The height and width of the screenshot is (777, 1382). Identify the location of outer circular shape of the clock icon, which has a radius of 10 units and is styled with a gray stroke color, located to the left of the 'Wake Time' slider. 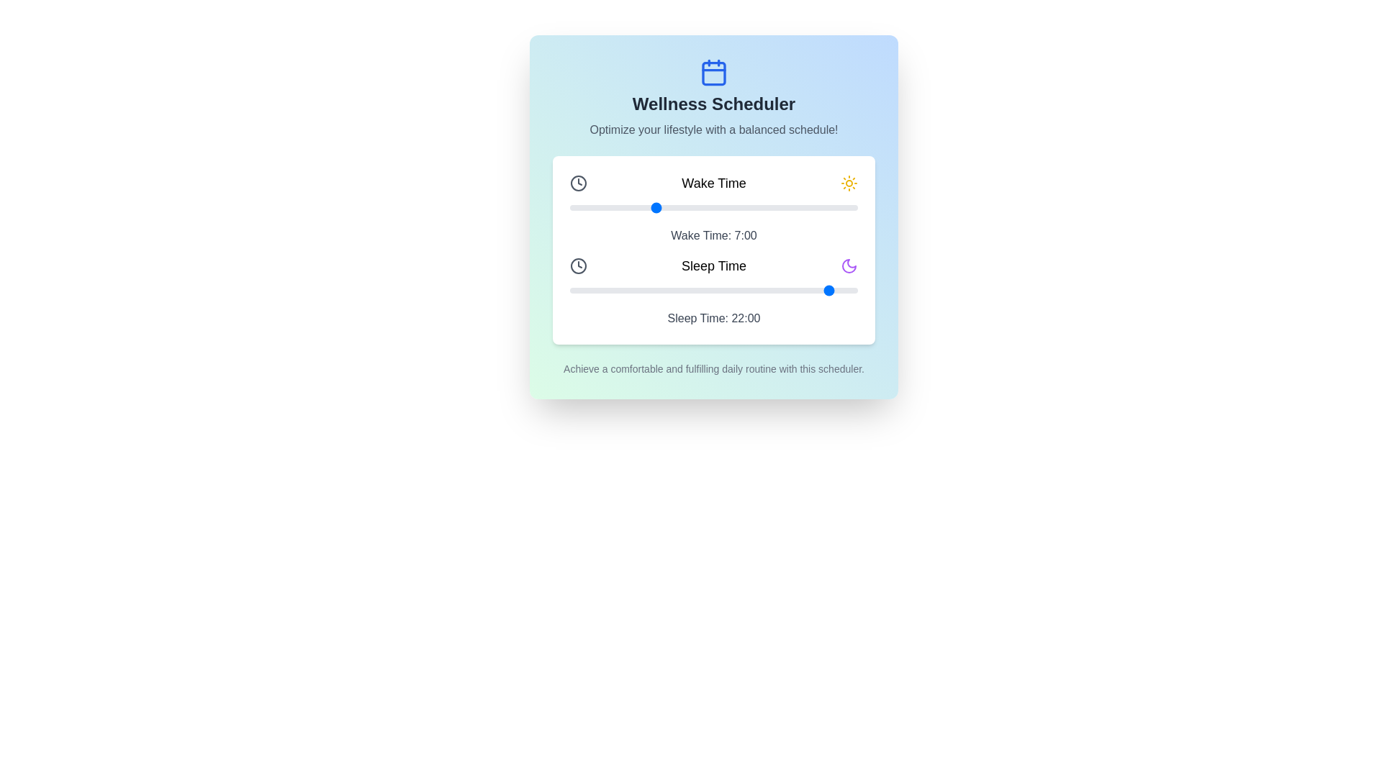
(579, 266).